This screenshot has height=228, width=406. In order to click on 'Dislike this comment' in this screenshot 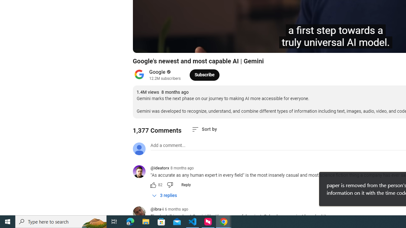, I will do `click(170, 185)`.